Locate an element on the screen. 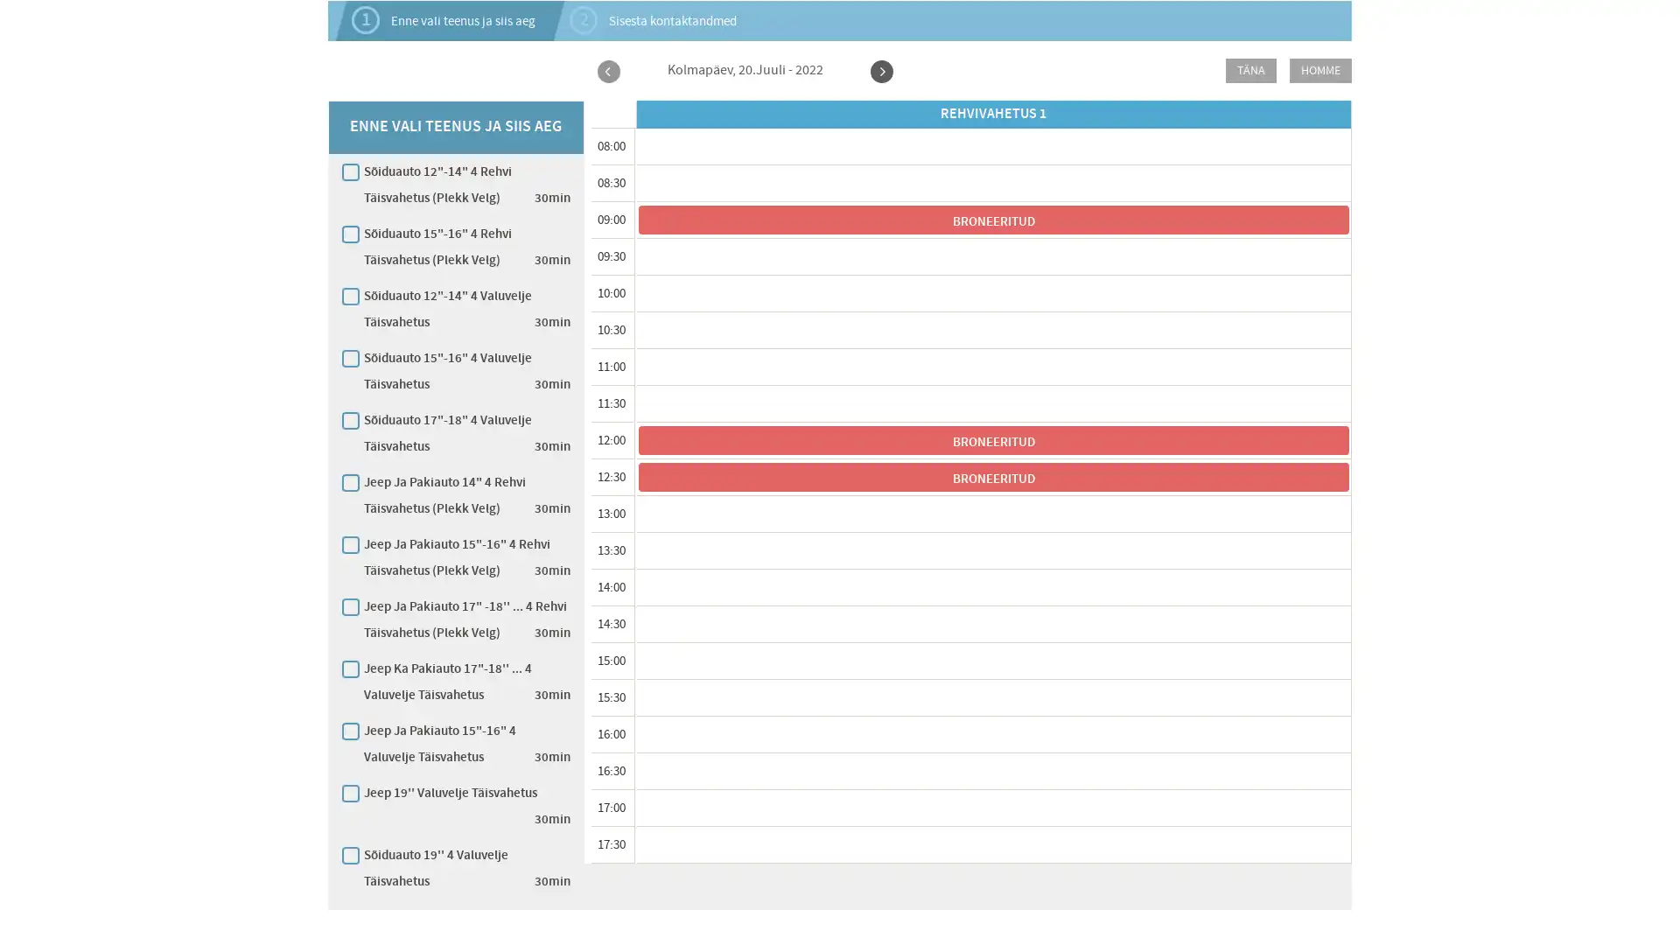 This screenshot has width=1680, height=945. HOMME is located at coordinates (1320, 70).